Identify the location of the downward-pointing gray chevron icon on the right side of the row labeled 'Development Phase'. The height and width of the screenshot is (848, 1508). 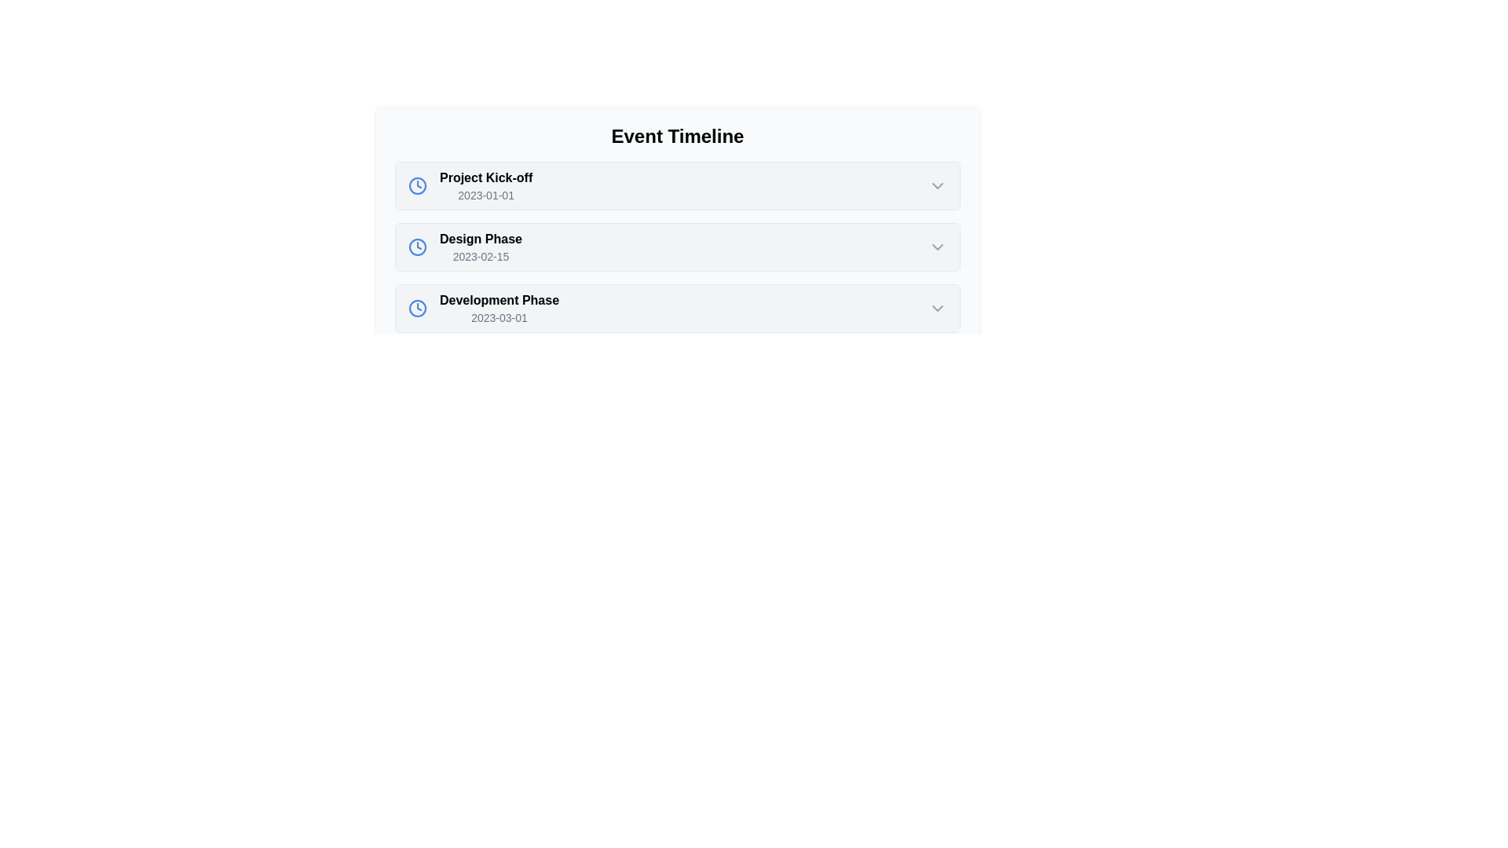
(938, 309).